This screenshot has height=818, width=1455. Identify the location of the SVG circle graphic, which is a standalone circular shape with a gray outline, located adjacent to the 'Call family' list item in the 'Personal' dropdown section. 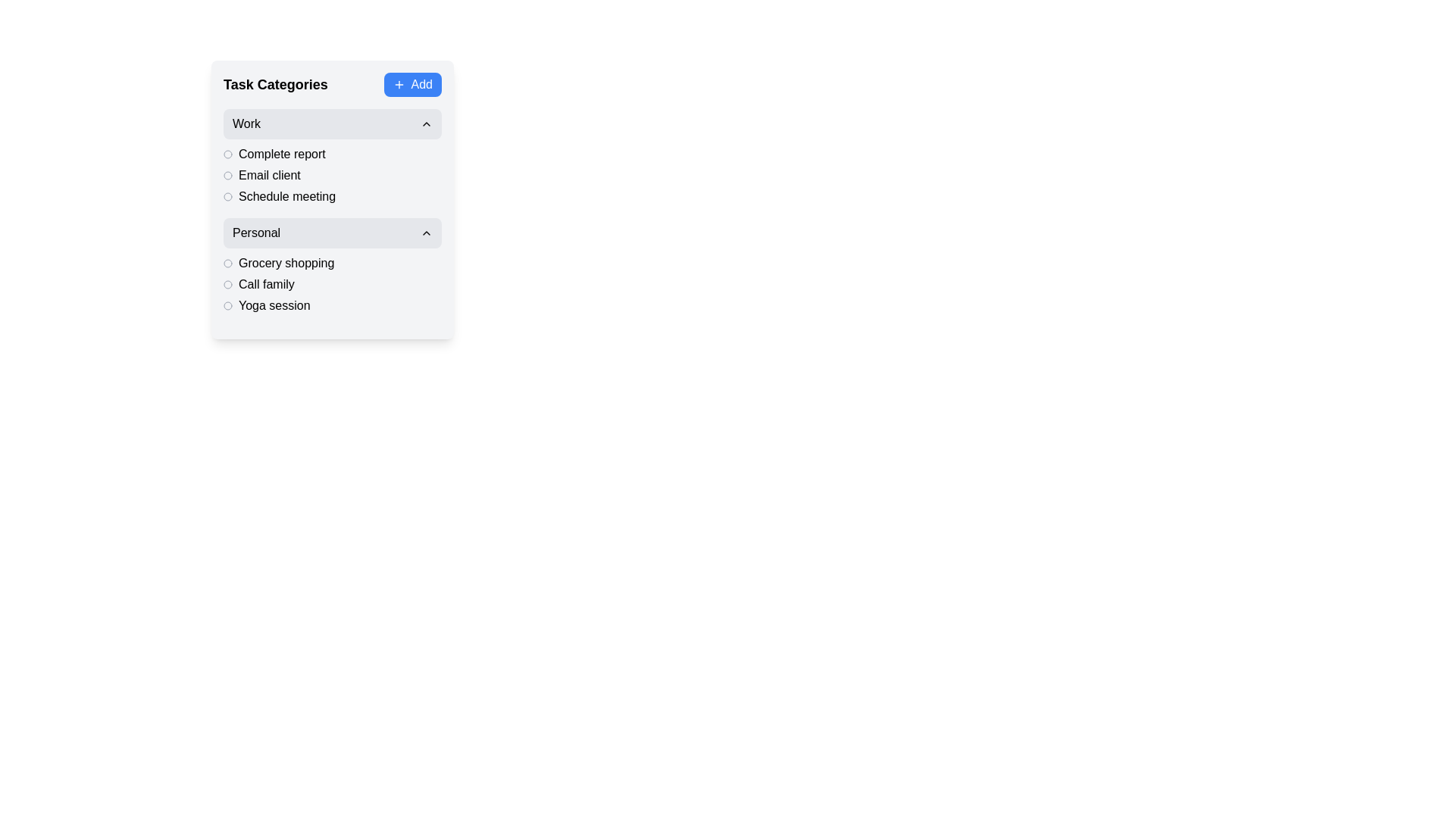
(227, 284).